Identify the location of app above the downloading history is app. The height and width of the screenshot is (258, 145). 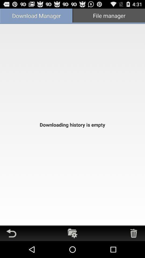
(109, 16).